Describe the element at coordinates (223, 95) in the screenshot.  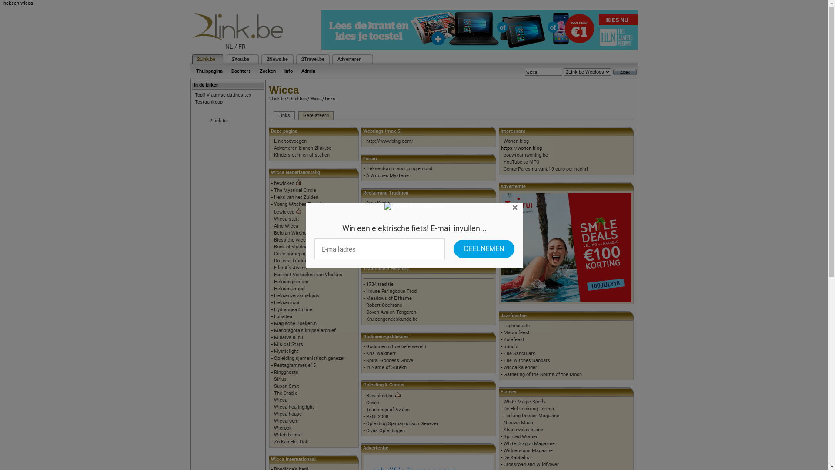
I see `'Top3 Vlaamse datingsites'` at that location.